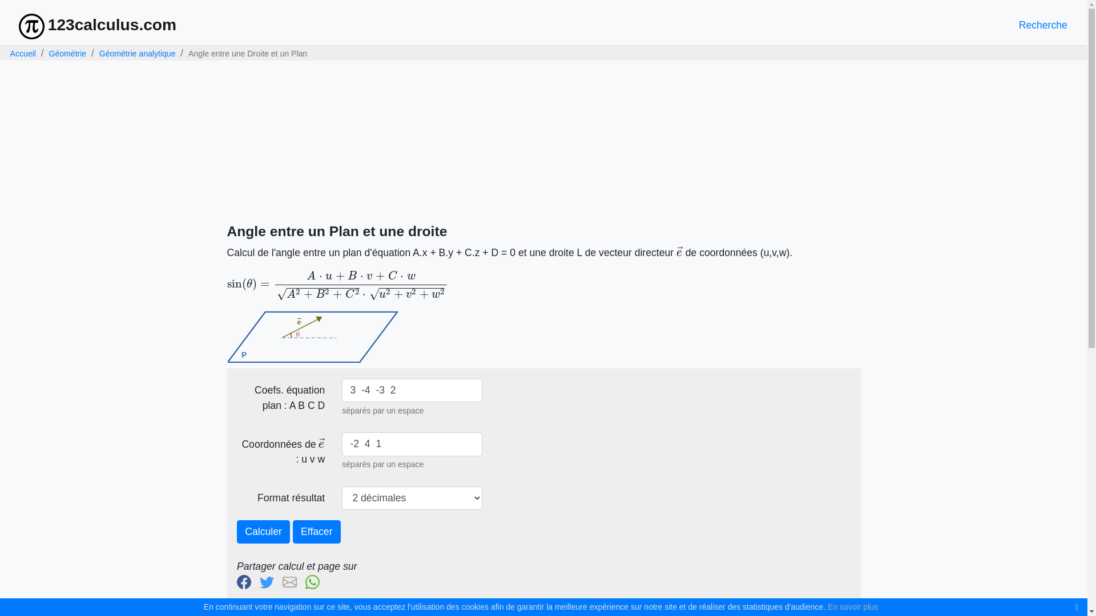 Image resolution: width=1096 pixels, height=616 pixels. I want to click on 'Calculer', so click(263, 532).